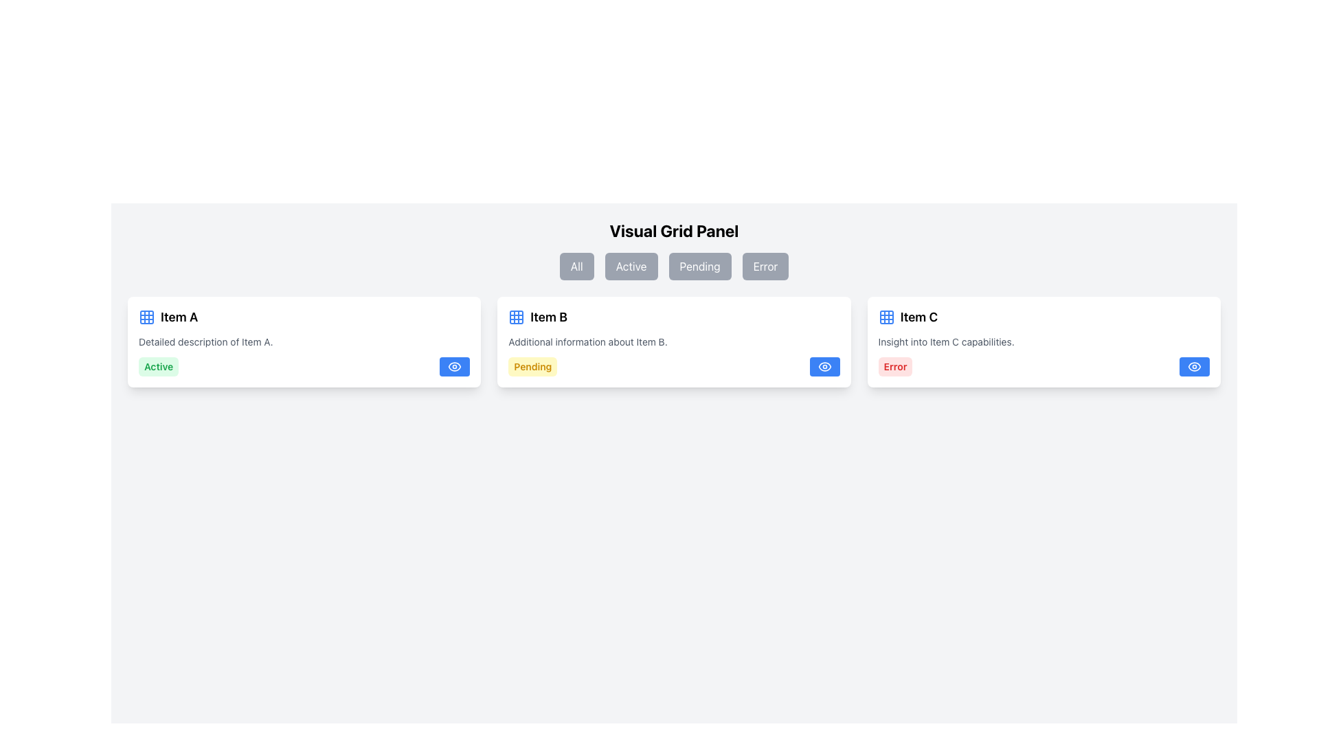 The width and height of the screenshot is (1319, 742). What do you see at coordinates (945, 341) in the screenshot?
I see `the static text element displaying 'Insight into Item C capabilities.' which is located below the heading 'Item C' and above the 'Error' label` at bounding box center [945, 341].